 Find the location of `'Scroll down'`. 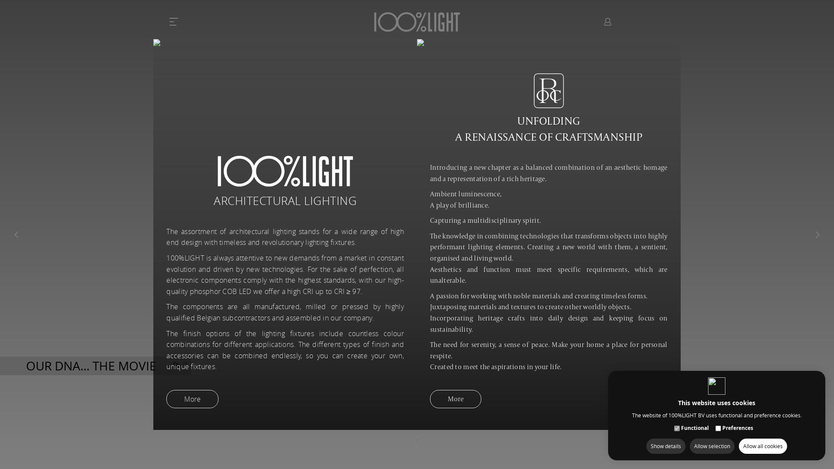

'Scroll down' is located at coordinates (417, 440).